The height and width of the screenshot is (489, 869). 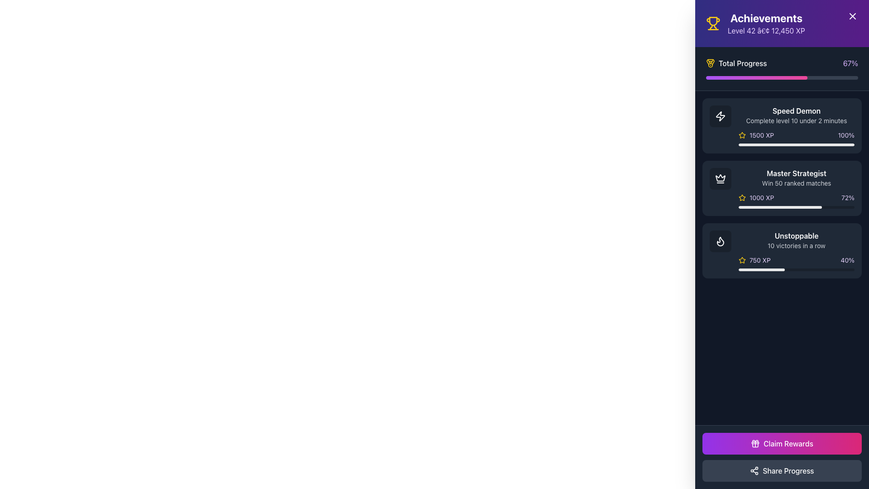 I want to click on the Achievement card UI component that displays the name, description, XP reward, and completion percentage, located between the 'Speed Demon' and 'Unstoppable' achievements in the Achievements panel, so click(x=782, y=188).